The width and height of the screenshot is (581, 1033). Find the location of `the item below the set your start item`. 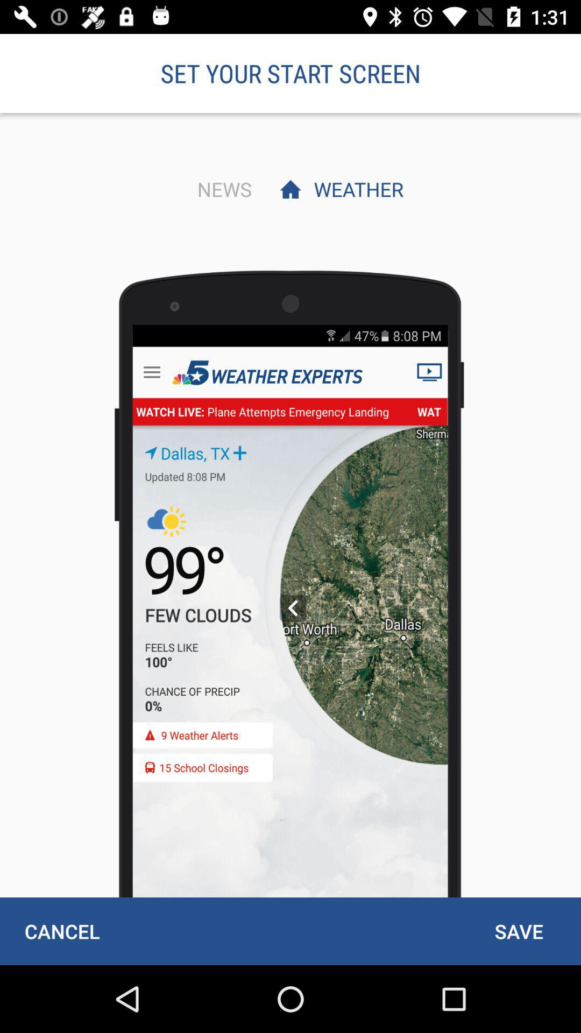

the item below the set your start item is located at coordinates (221, 189).